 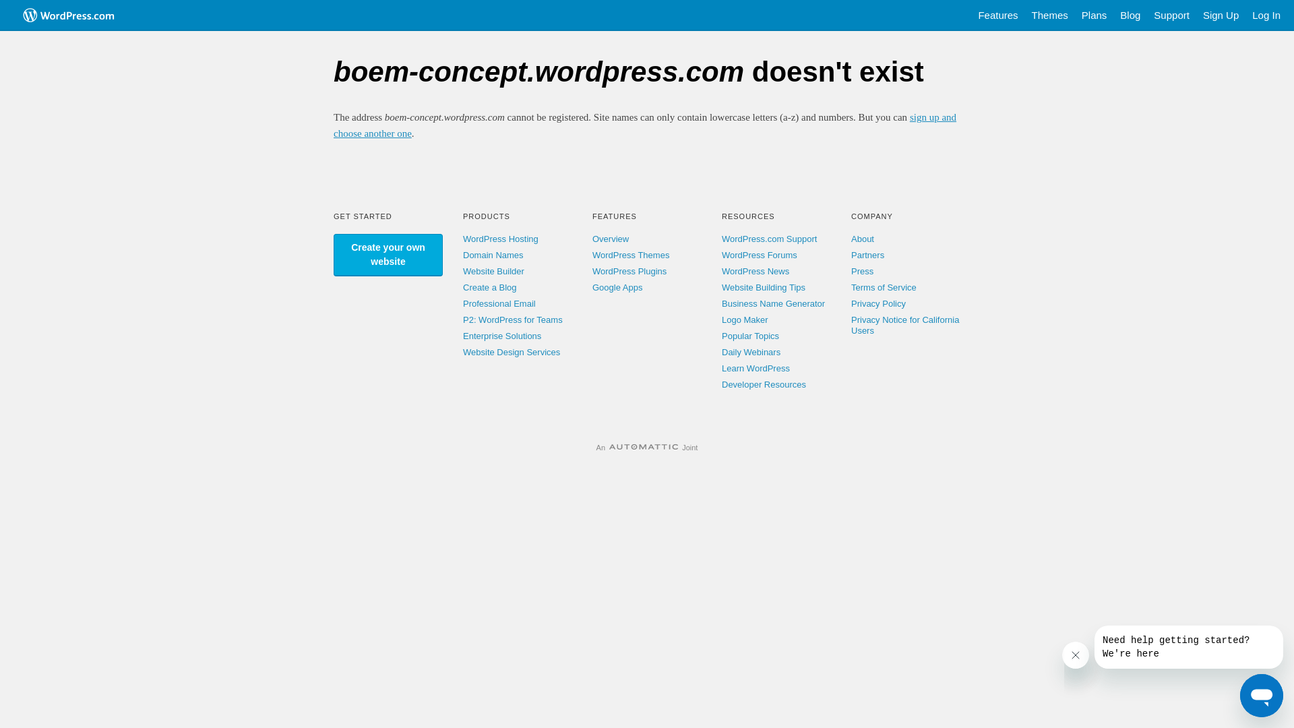 I want to click on 'WordPress Themes', so click(x=592, y=255).